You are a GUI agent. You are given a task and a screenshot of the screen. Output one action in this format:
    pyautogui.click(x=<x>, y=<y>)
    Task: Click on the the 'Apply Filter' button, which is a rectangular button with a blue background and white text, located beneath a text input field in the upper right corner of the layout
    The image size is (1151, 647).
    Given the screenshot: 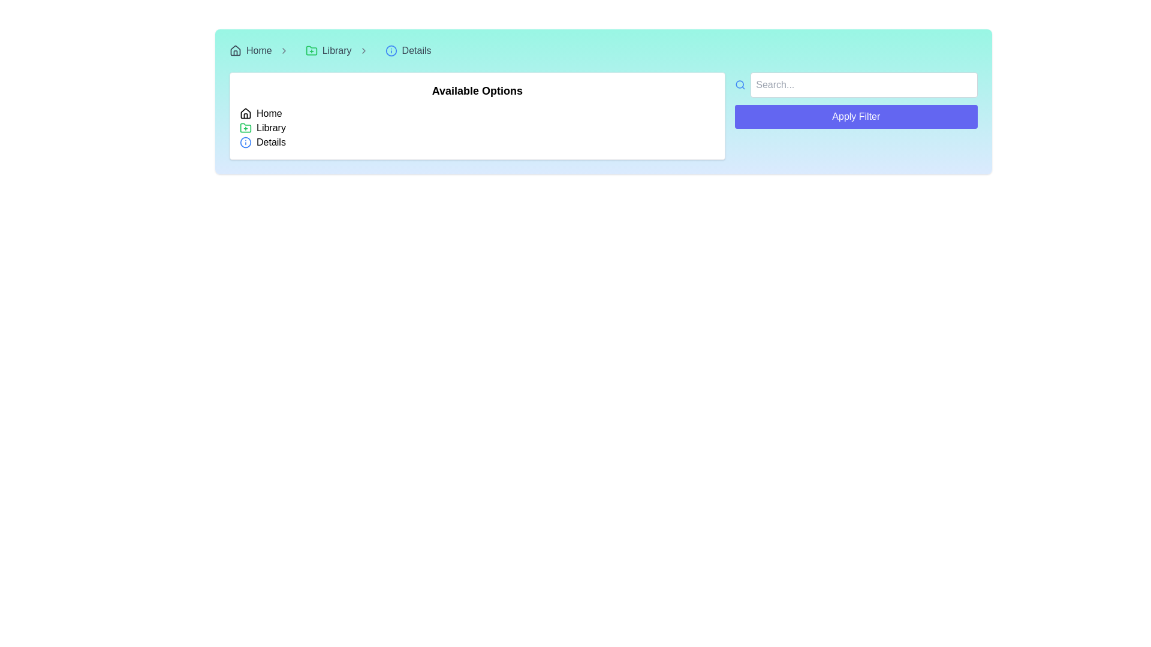 What is the action you would take?
    pyautogui.click(x=855, y=116)
    